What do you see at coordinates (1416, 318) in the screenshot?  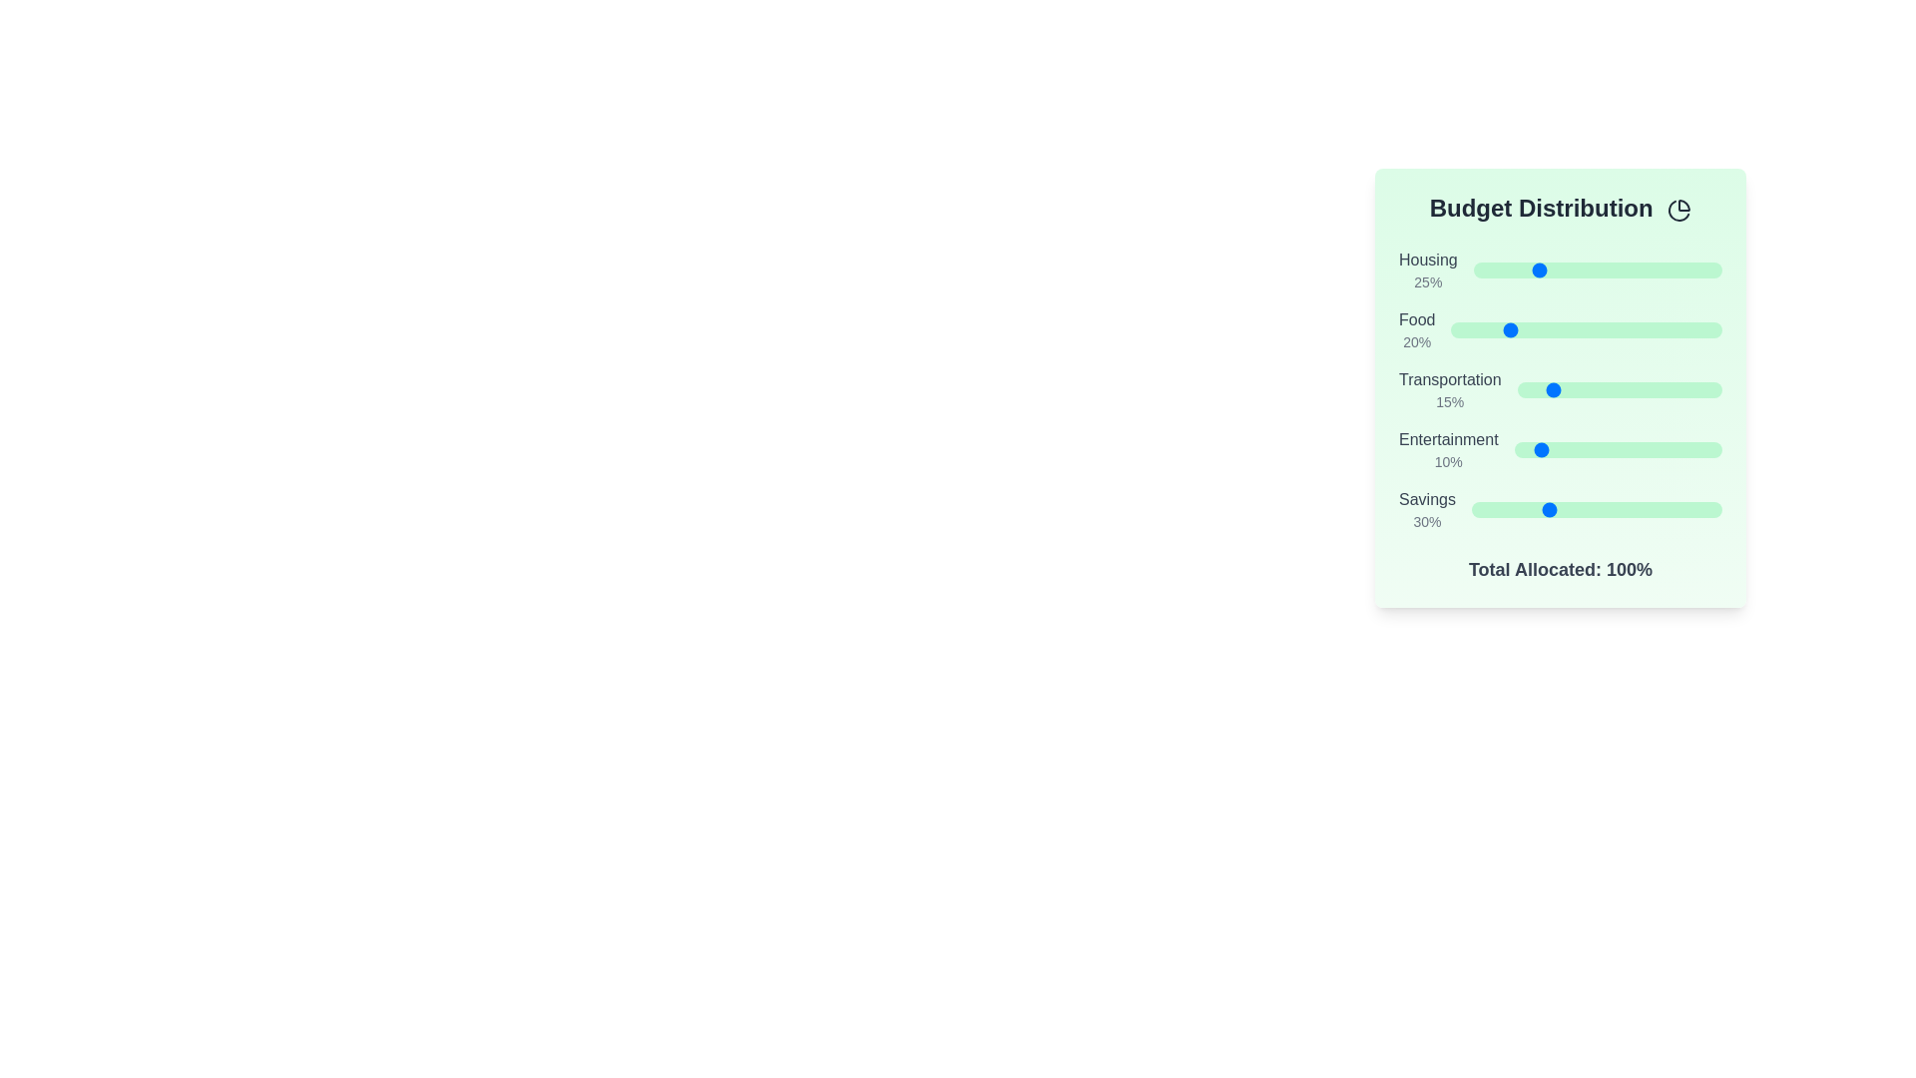 I see `the category name Food to highlight it` at bounding box center [1416, 318].